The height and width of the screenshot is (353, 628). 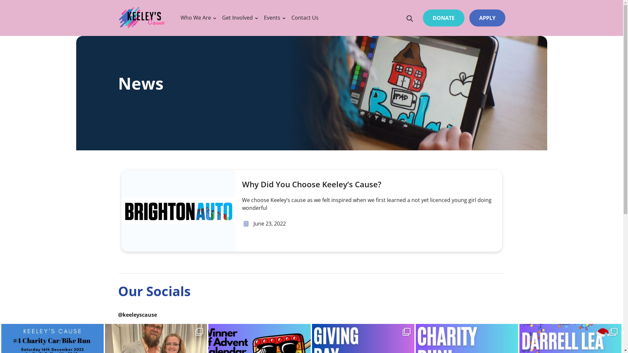 I want to click on 'Contact Us', so click(x=305, y=17).